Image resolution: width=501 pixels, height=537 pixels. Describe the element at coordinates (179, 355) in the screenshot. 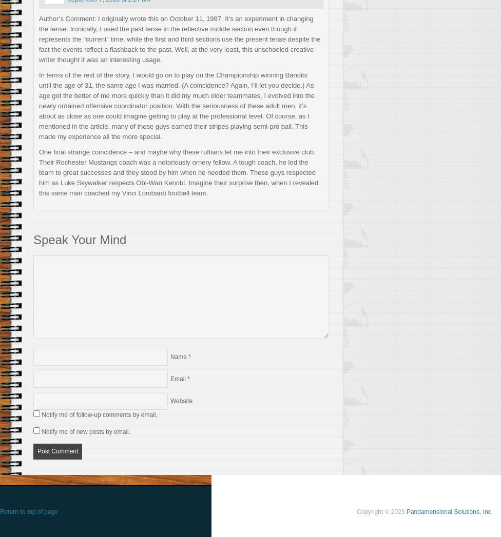

I see `'Name'` at that location.